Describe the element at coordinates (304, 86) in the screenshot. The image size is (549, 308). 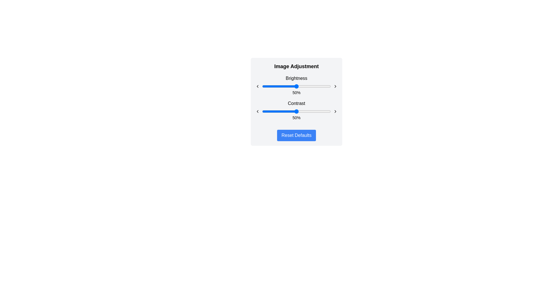
I see `brightness` at that location.